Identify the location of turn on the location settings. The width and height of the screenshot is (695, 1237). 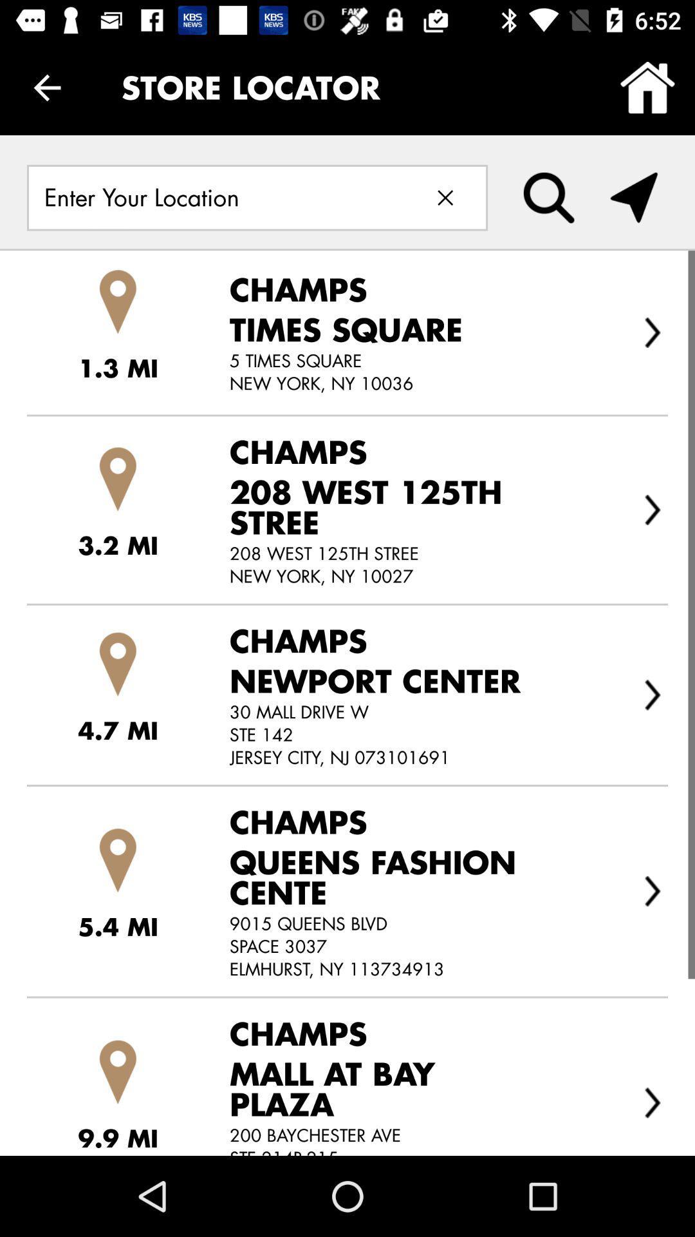
(633, 197).